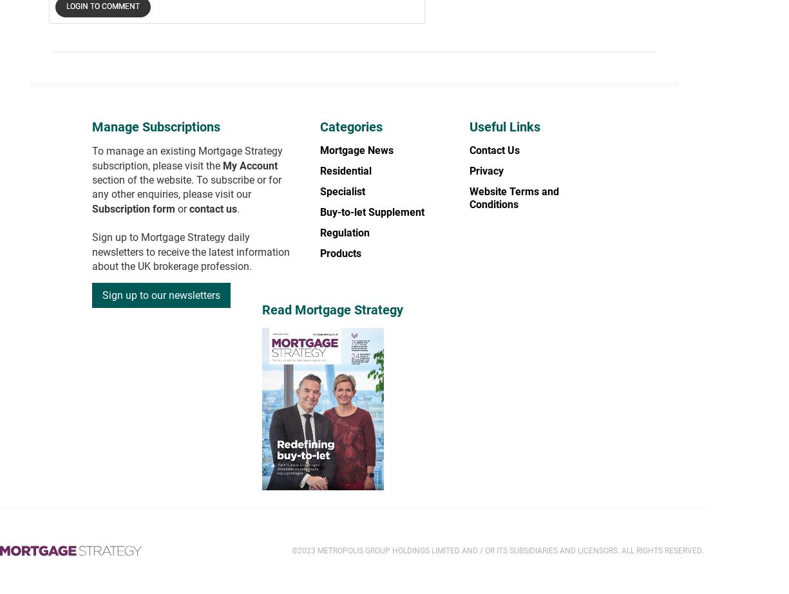  What do you see at coordinates (505, 126) in the screenshot?
I see `'Useful Links'` at bounding box center [505, 126].